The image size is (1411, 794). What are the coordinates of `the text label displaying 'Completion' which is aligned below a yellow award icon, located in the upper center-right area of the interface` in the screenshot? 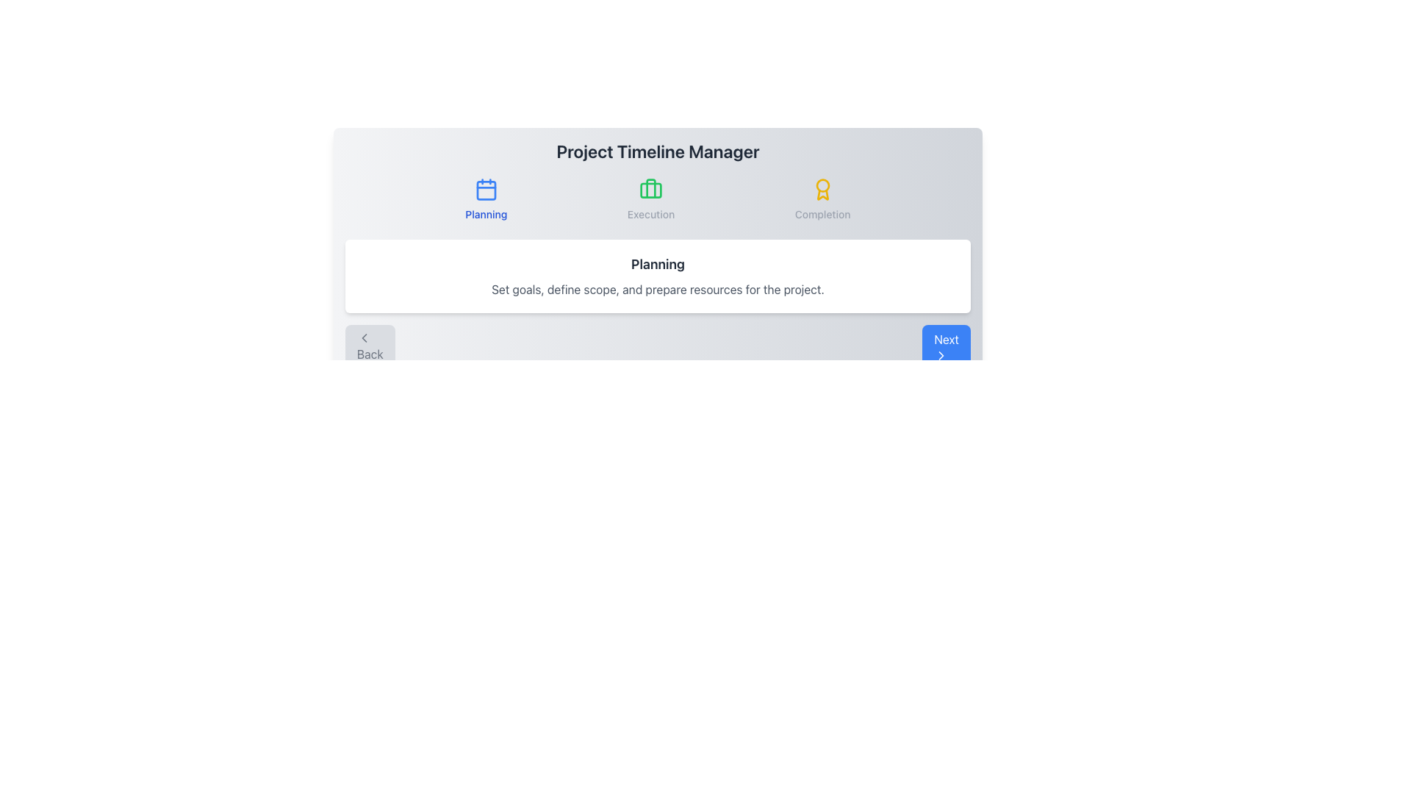 It's located at (822, 215).